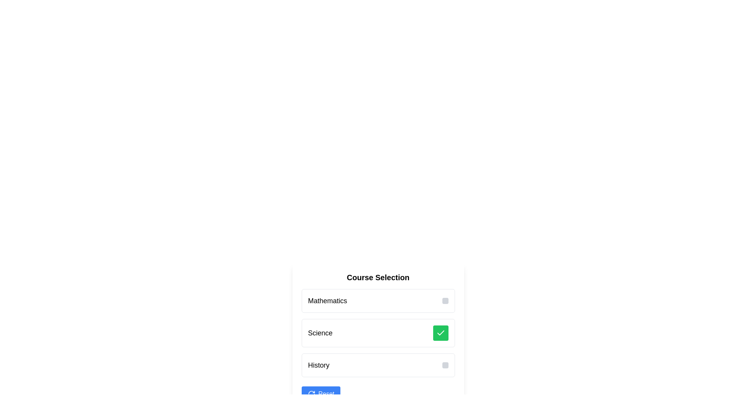 This screenshot has height=414, width=736. What do you see at coordinates (321, 394) in the screenshot?
I see `the blue rectangular button labeled 'Reset' with an icon of two circular arrows to observe the visual feedback of its background color change` at bounding box center [321, 394].